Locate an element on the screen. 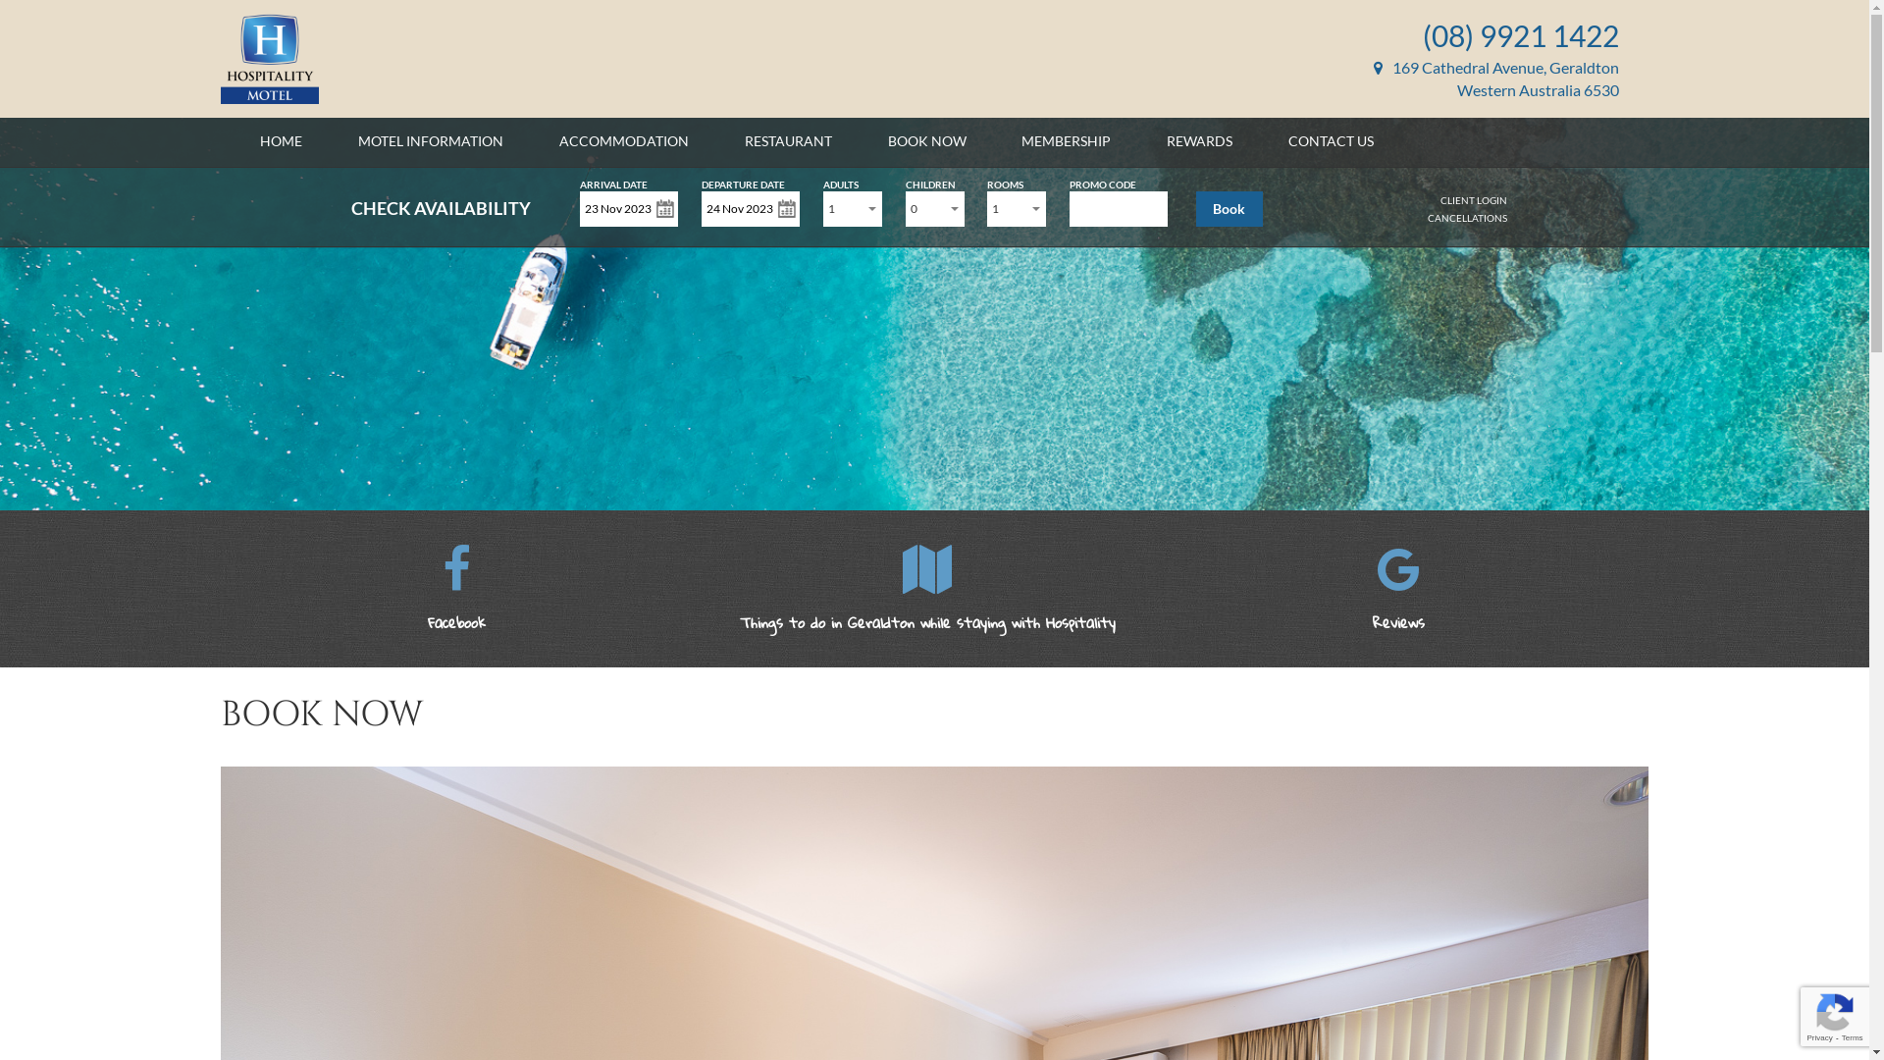 This screenshot has width=1884, height=1060. 'REWARDS' is located at coordinates (1198, 139).